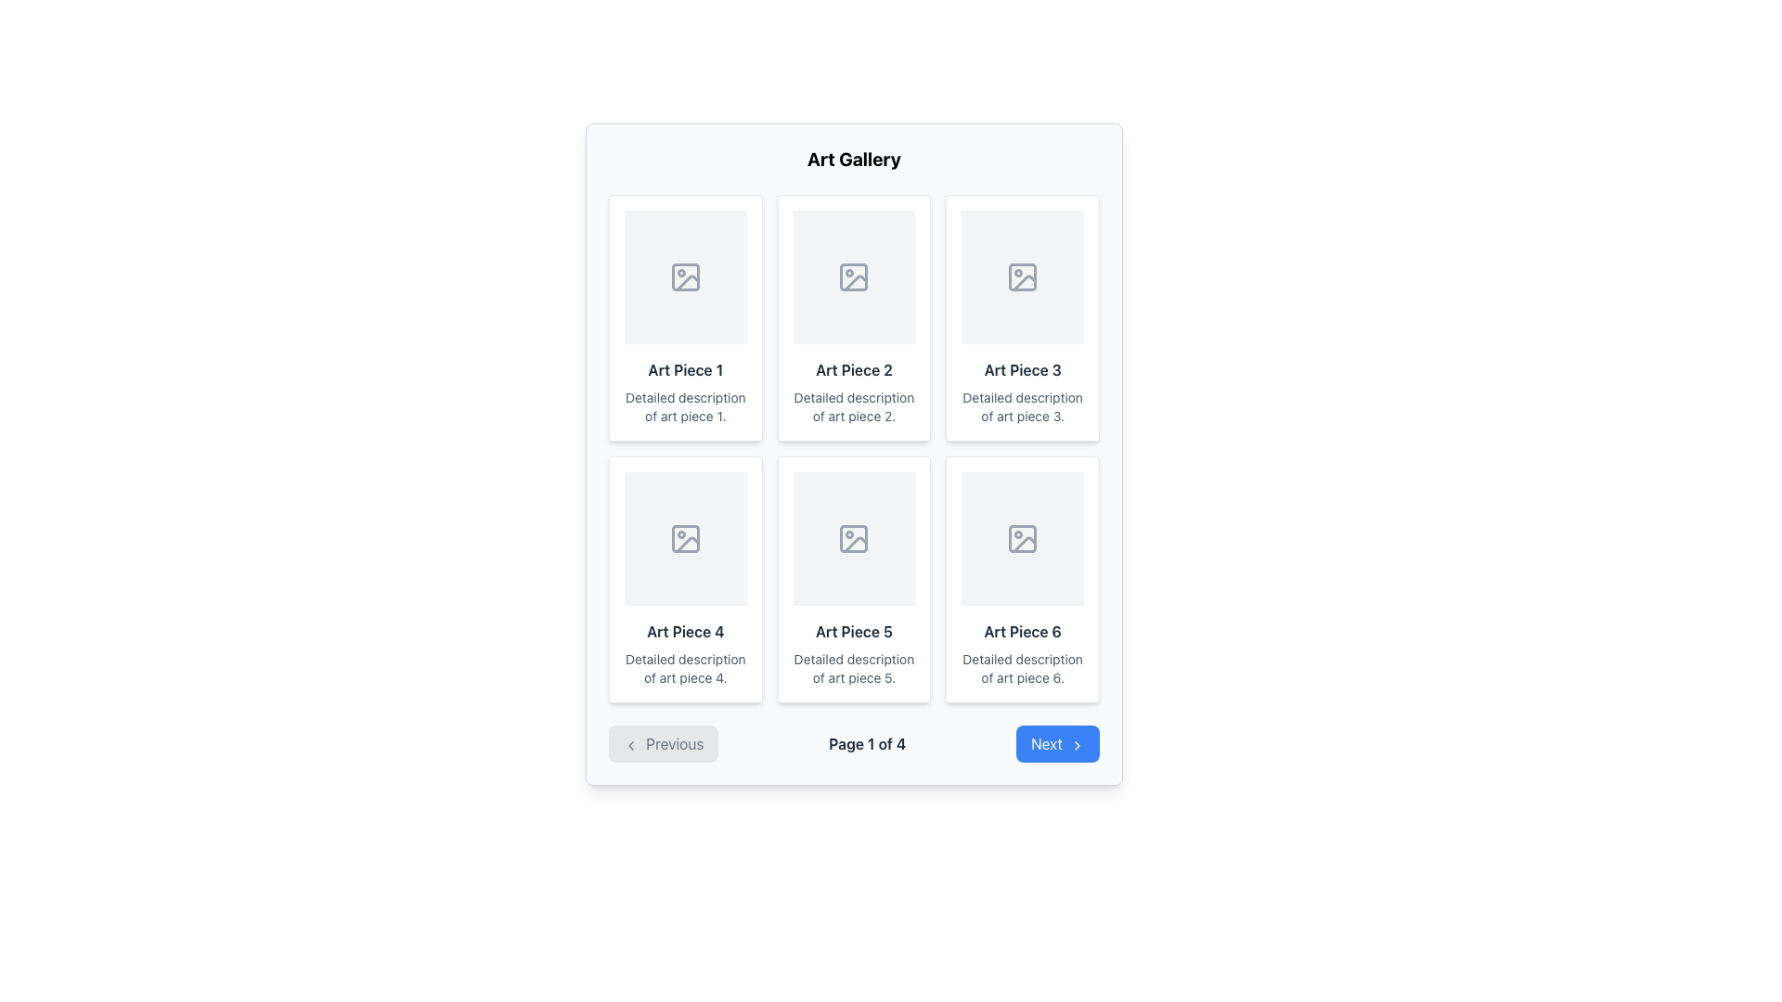 The image size is (1782, 1002). What do you see at coordinates (1022, 669) in the screenshot?
I see `text displayed in the gray, small-sized font located below the title 'Art Piece 6' at the bottom right of the card` at bounding box center [1022, 669].